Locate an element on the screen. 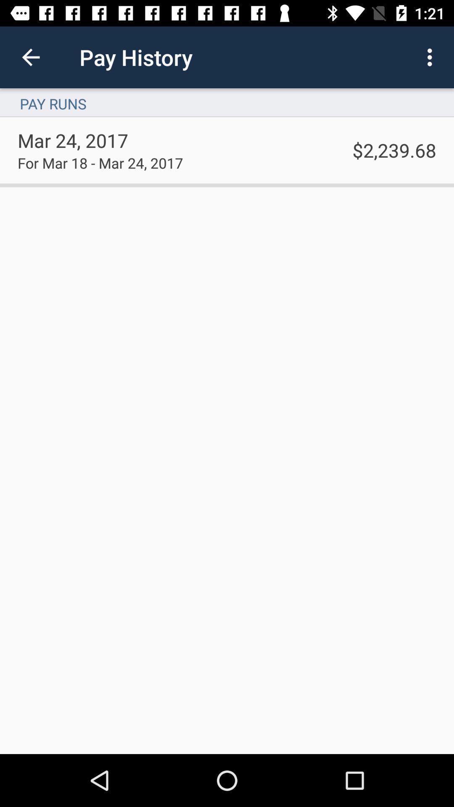 This screenshot has height=807, width=454. the icon above pay runs item is located at coordinates (432, 57).